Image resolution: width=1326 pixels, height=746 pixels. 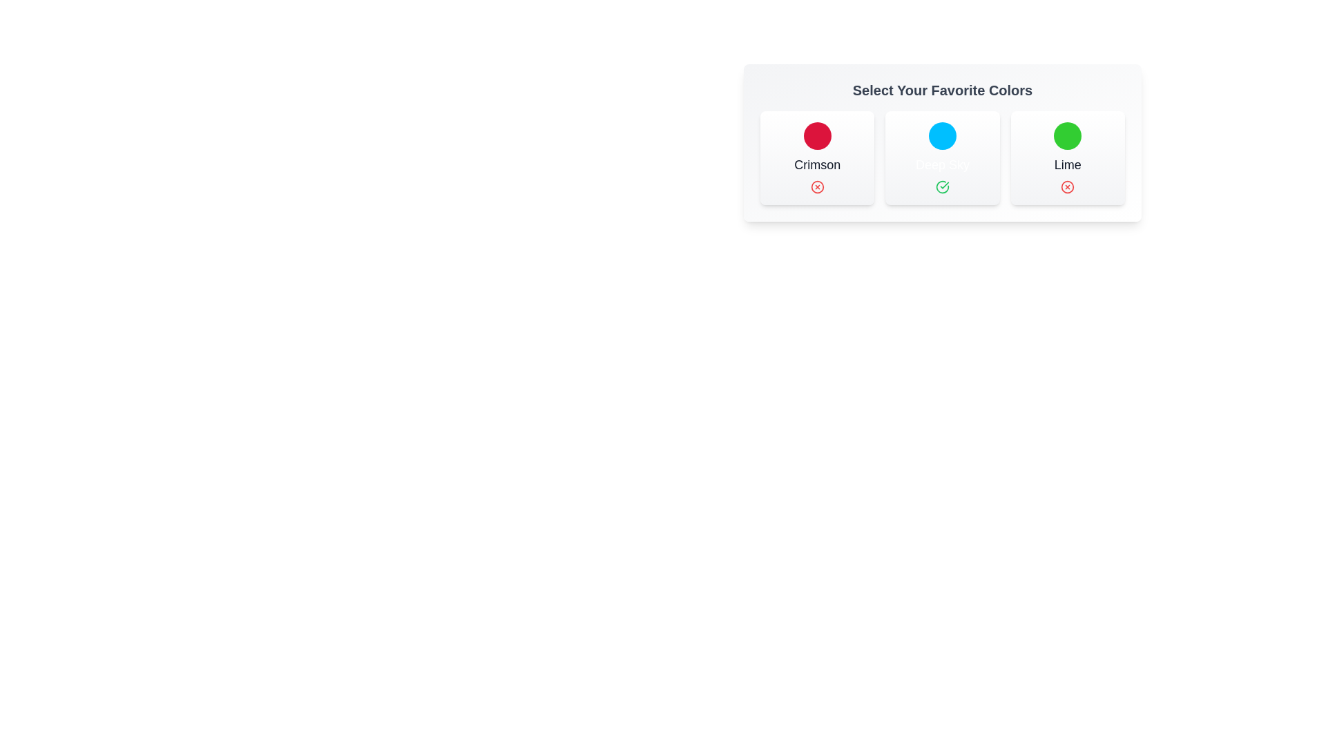 What do you see at coordinates (1066, 157) in the screenshot?
I see `the chip corresponding to Lime` at bounding box center [1066, 157].